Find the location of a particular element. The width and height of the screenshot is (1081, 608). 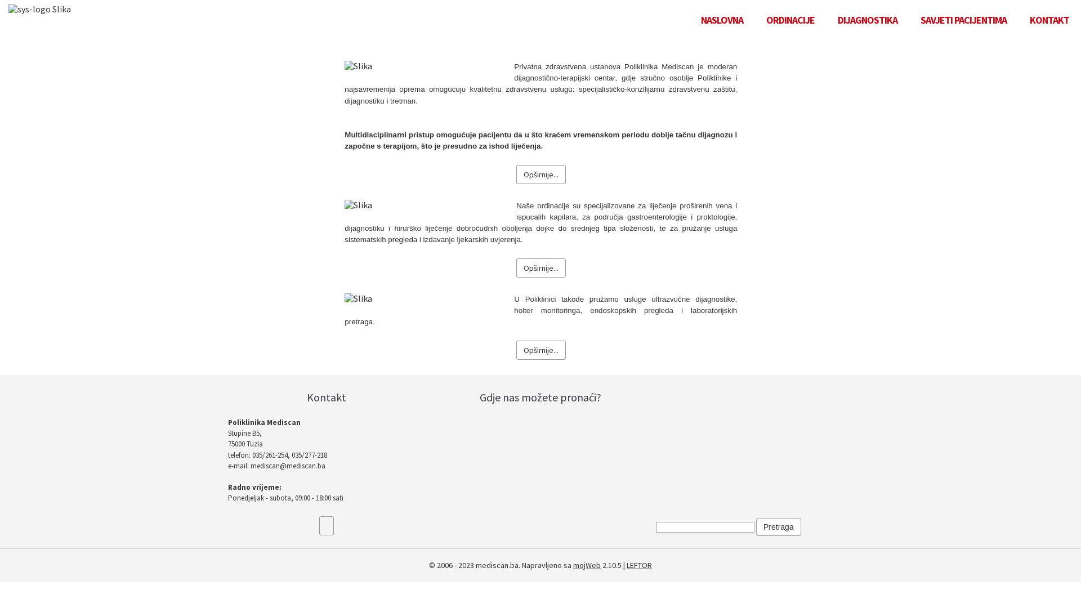

'ORDINACIJE' is located at coordinates (789, 20).